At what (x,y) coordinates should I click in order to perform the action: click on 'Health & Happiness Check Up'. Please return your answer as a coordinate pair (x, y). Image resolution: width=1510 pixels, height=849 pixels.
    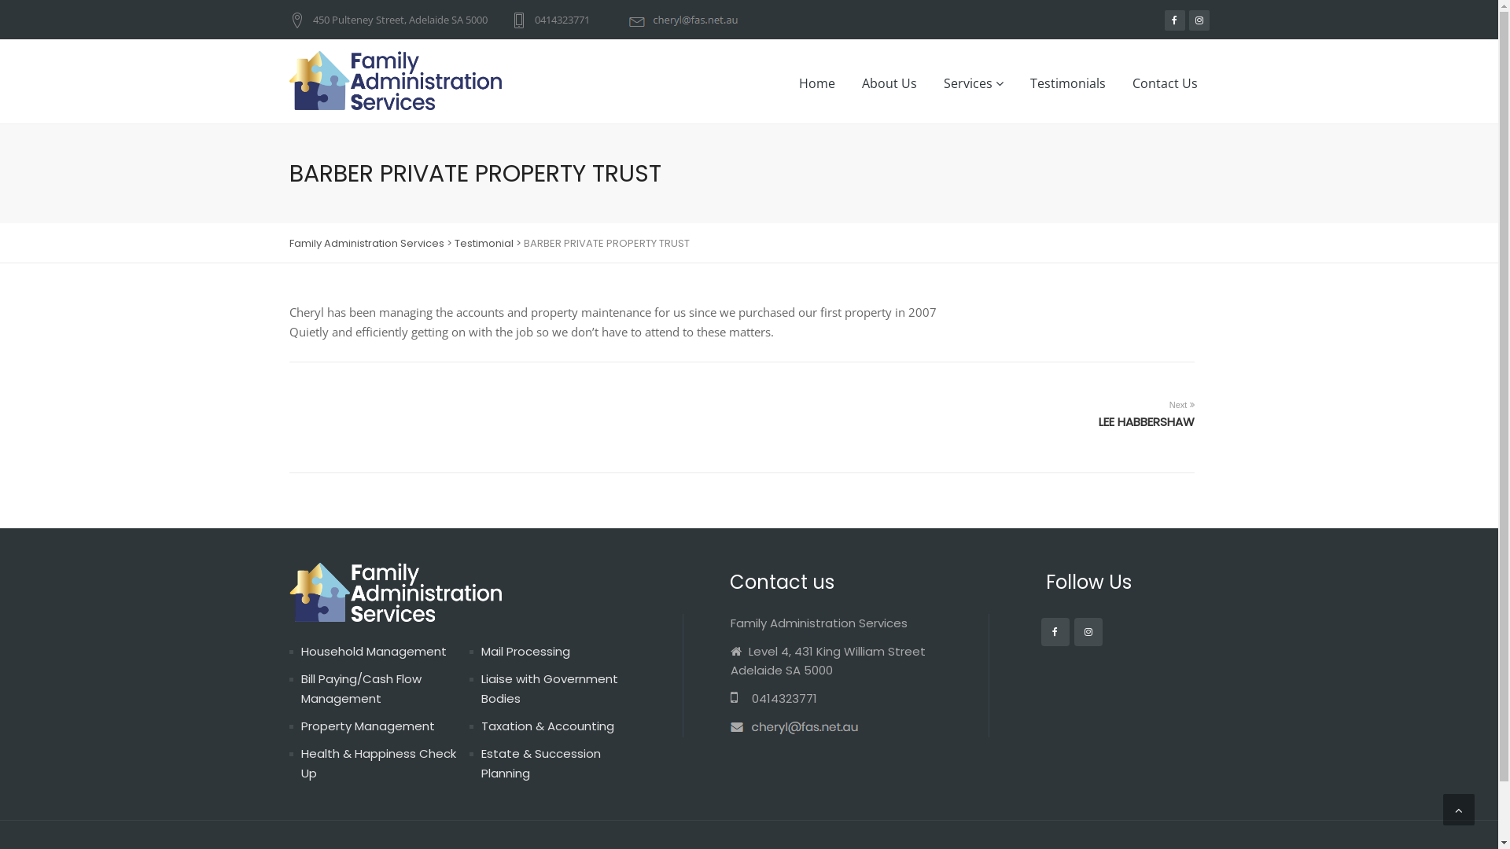
    Looking at the image, I should click on (377, 763).